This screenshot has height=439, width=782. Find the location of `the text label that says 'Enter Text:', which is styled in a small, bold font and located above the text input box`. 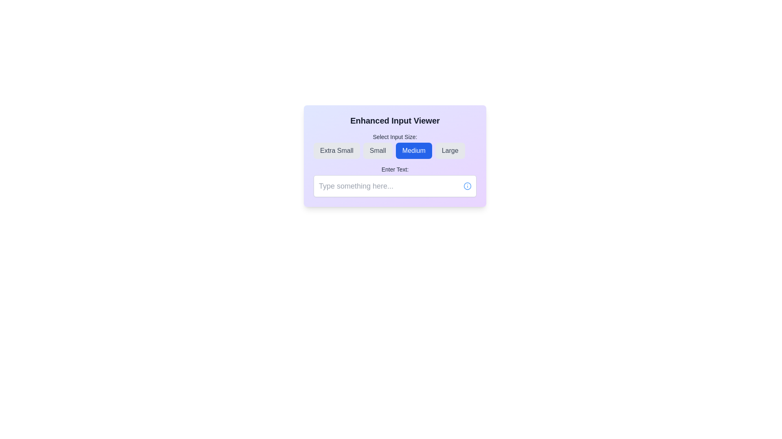

the text label that says 'Enter Text:', which is styled in a small, bold font and located above the text input box is located at coordinates (395, 169).